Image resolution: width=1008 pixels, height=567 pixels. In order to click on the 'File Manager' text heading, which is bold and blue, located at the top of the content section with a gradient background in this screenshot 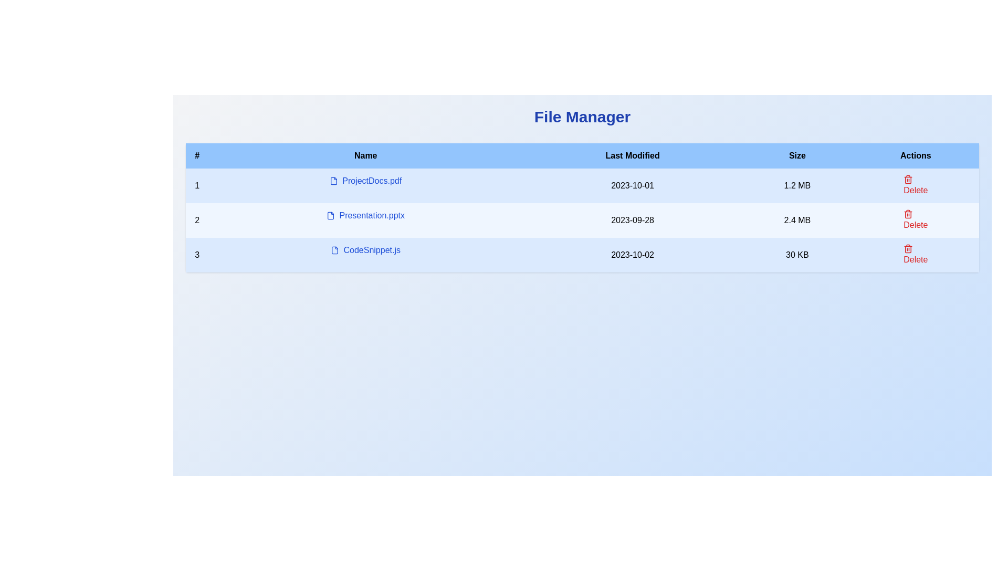, I will do `click(582, 117)`.